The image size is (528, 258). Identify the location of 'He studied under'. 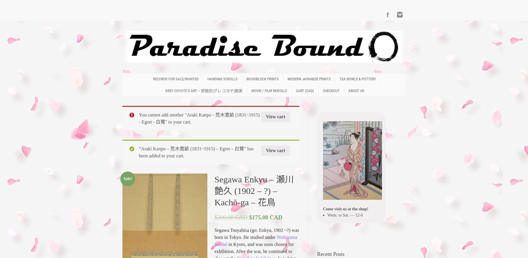
(260, 237).